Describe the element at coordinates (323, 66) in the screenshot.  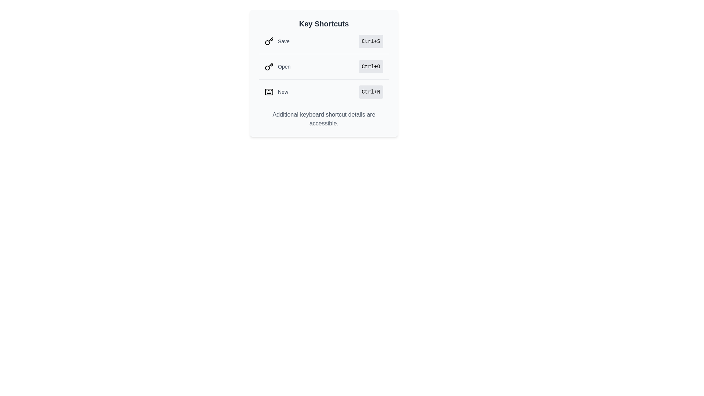
I see `keyboard navigation` at that location.